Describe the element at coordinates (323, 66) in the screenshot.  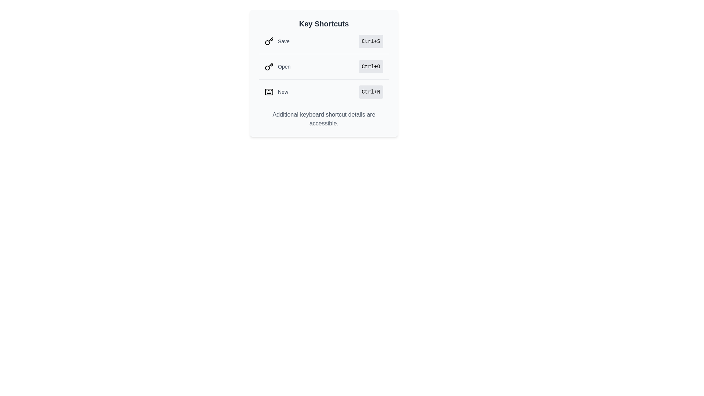
I see `keyboard navigation` at that location.